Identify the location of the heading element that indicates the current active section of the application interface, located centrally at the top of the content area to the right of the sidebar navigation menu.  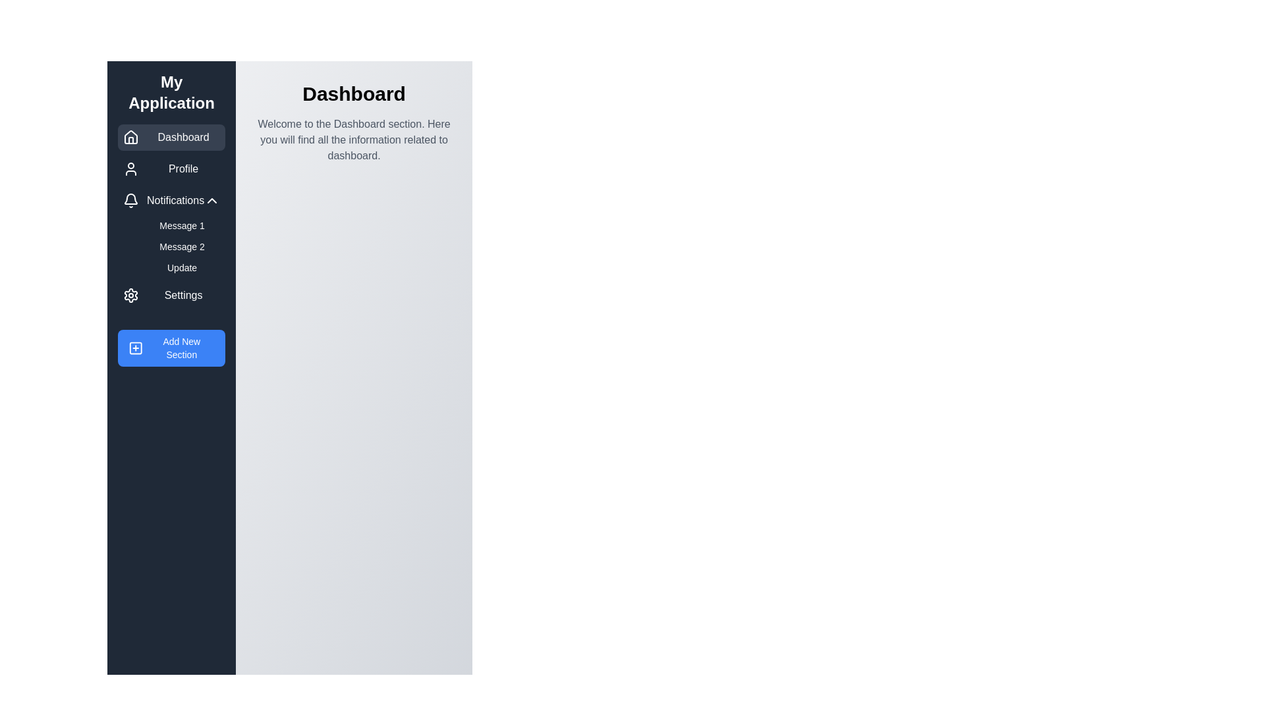
(354, 93).